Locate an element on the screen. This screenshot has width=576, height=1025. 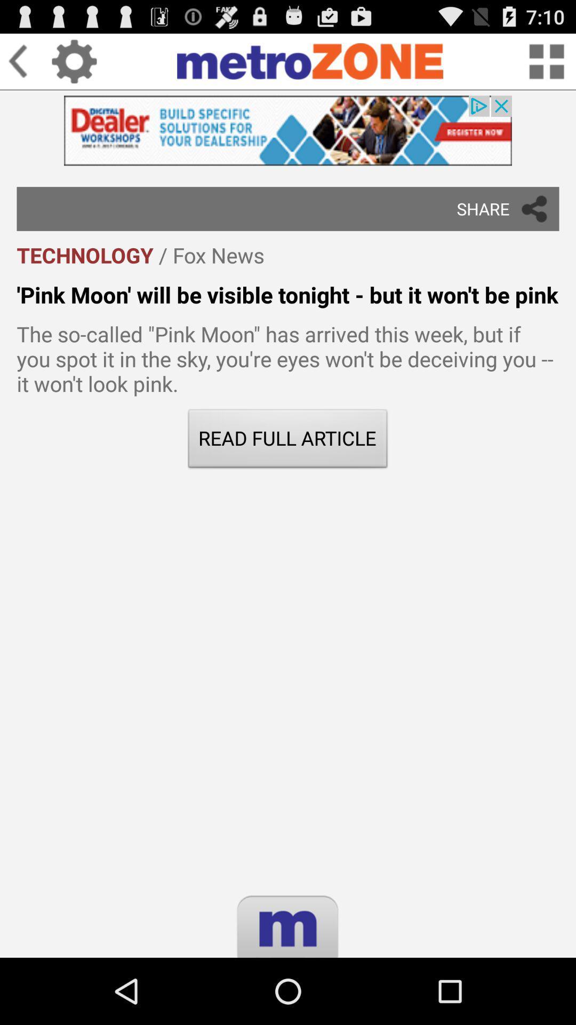
the pause icon is located at coordinates (288, 1002).